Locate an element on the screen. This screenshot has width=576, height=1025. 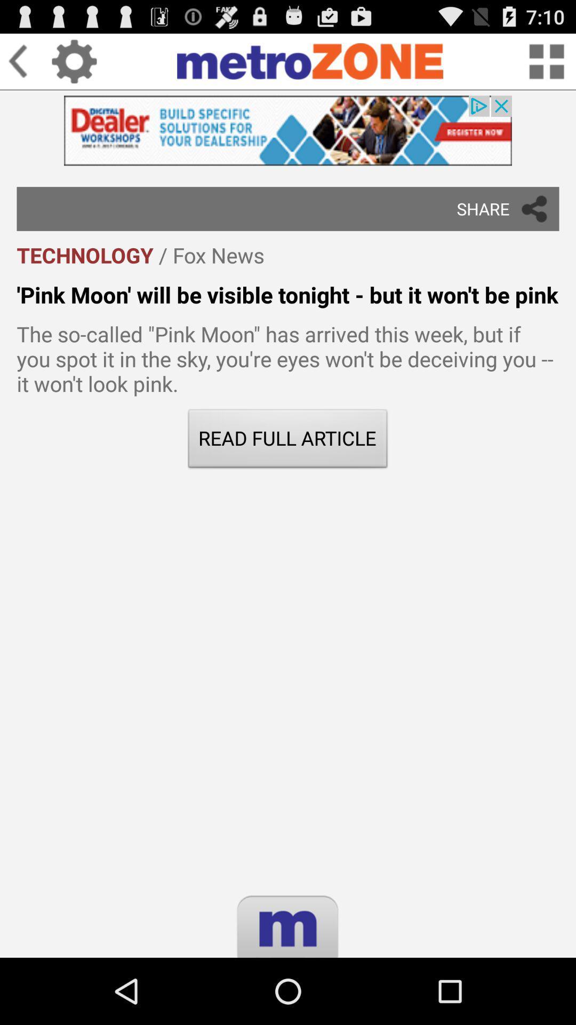
the pause icon is located at coordinates (288, 1002).